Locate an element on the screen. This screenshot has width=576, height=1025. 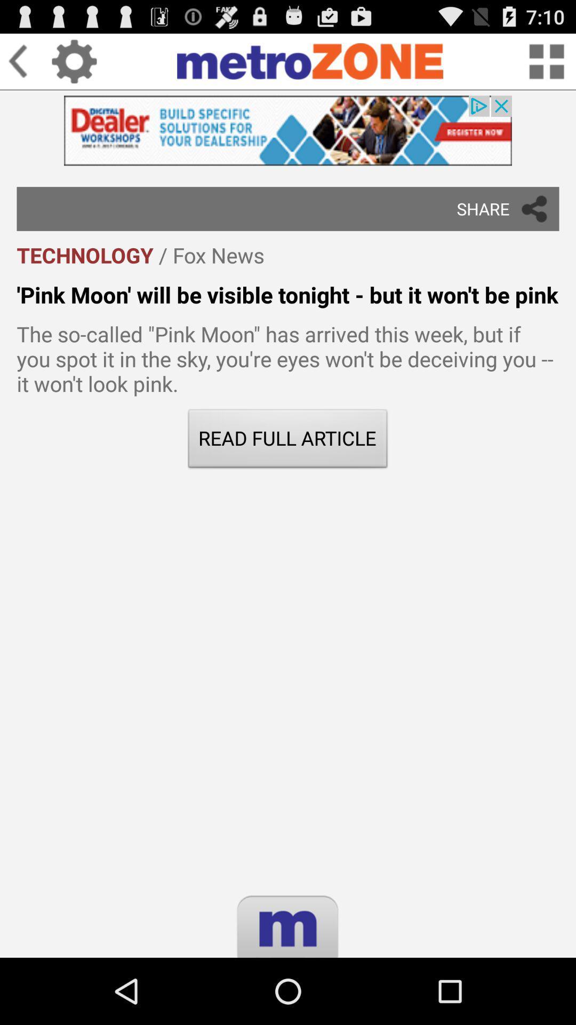
the pause icon is located at coordinates (288, 1002).